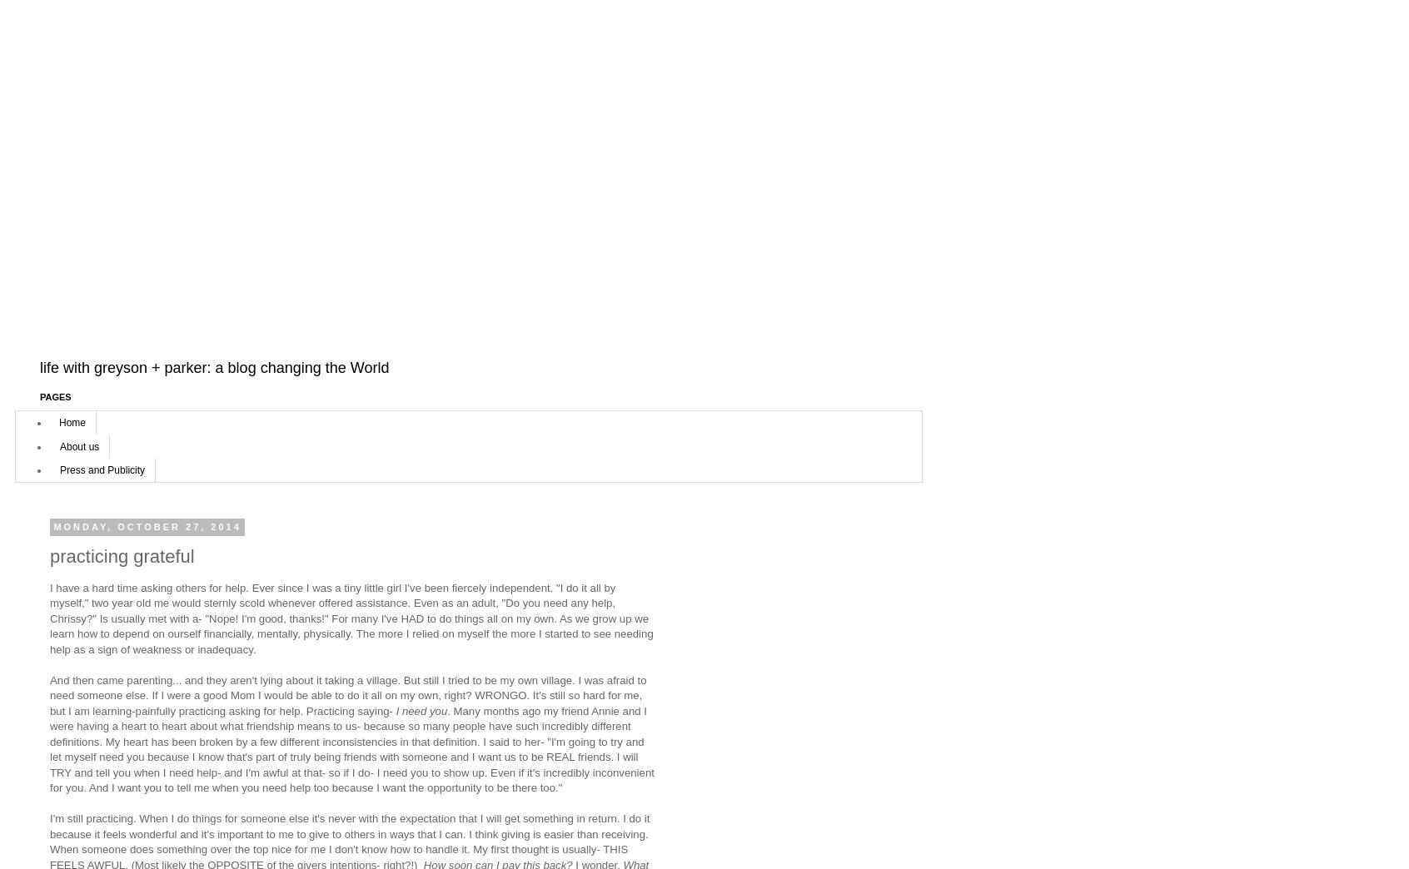 This screenshot has width=1409, height=869. Describe the element at coordinates (79, 444) in the screenshot. I see `'About us'` at that location.